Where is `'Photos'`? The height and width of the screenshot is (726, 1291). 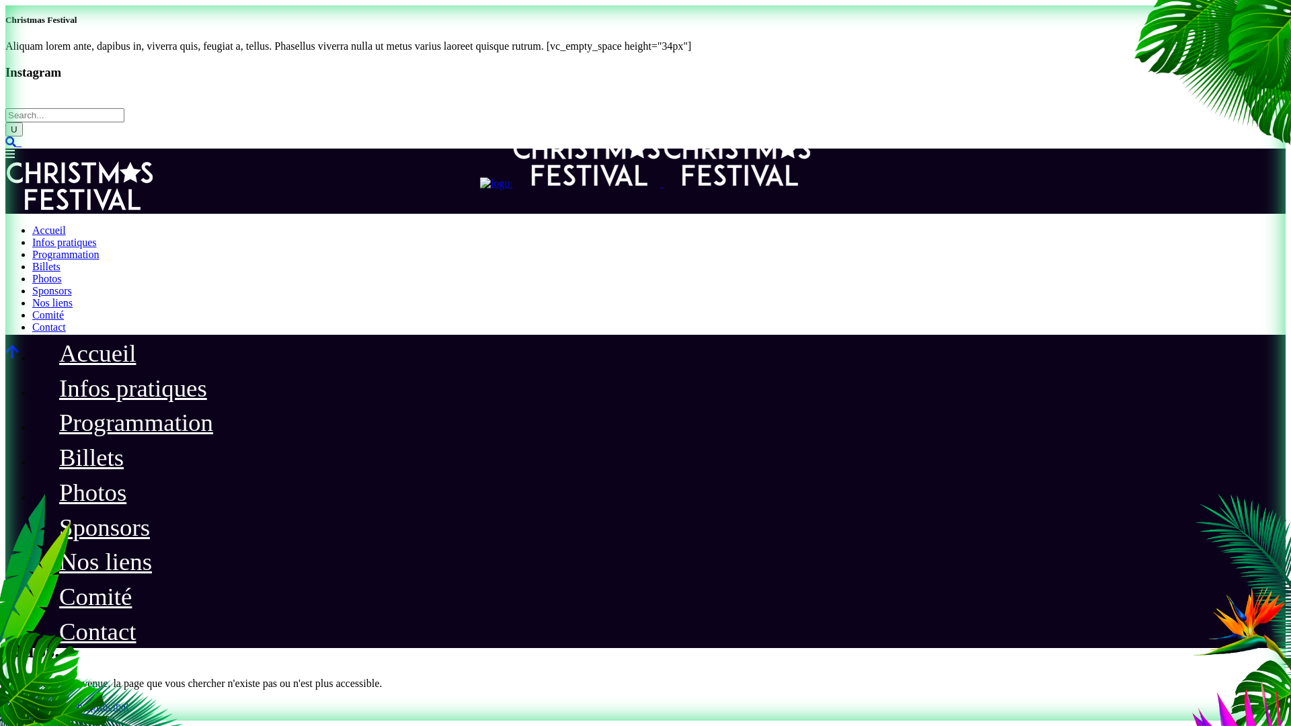 'Photos' is located at coordinates (92, 494).